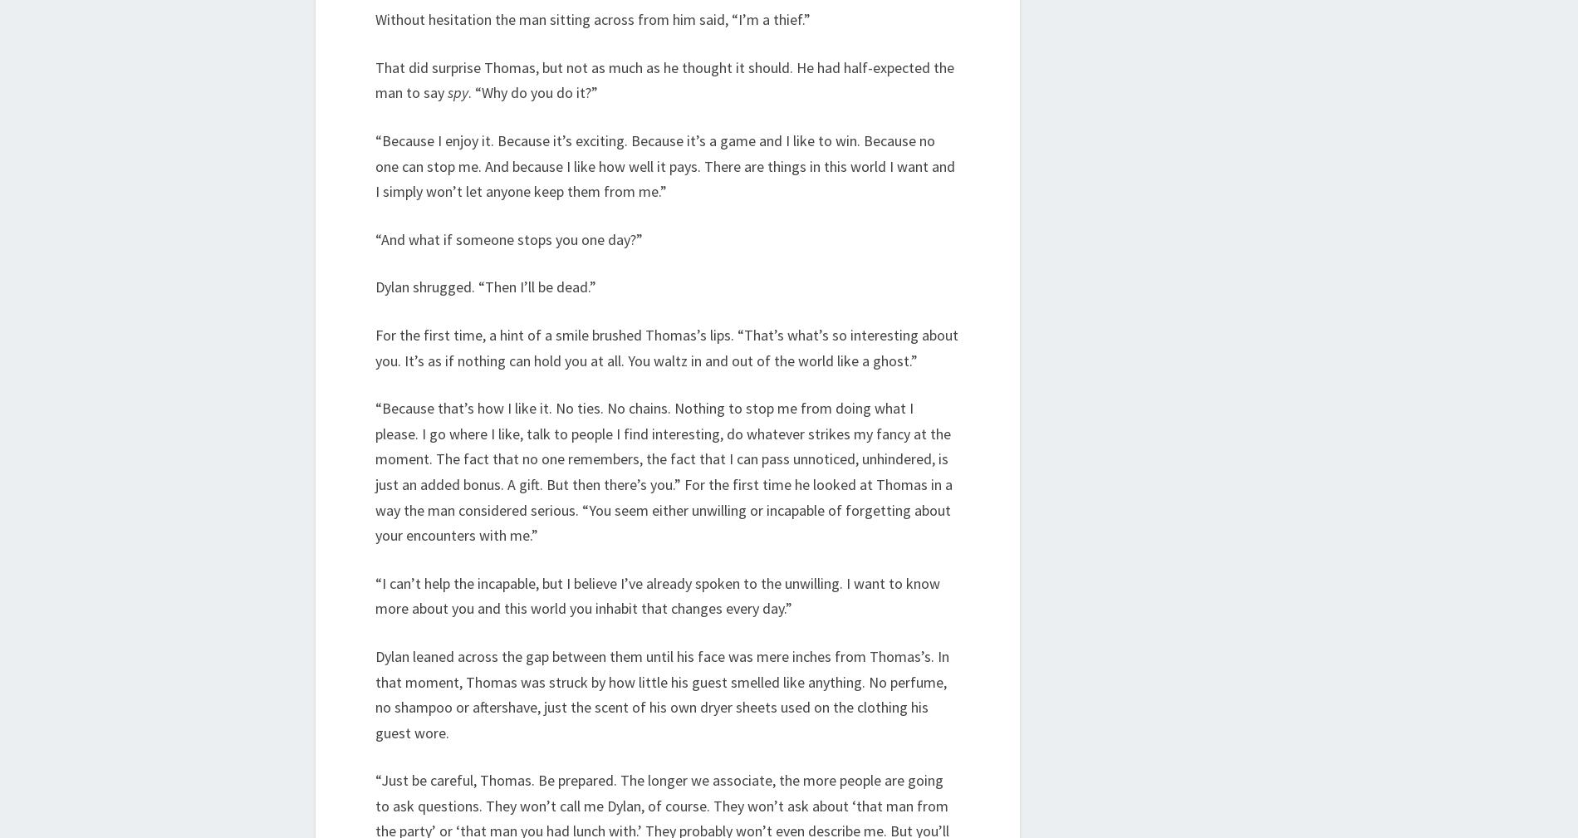 Image resolution: width=1578 pixels, height=838 pixels. Describe the element at coordinates (664, 164) in the screenshot. I see `'“Because I enjoy it. Because it’s exciting. Because it’s a game and I like to win. Because no one can stop me. And because I like how well it pays. There are things in this world I want and I simply won’t let anyone keep them from me.”'` at that location.